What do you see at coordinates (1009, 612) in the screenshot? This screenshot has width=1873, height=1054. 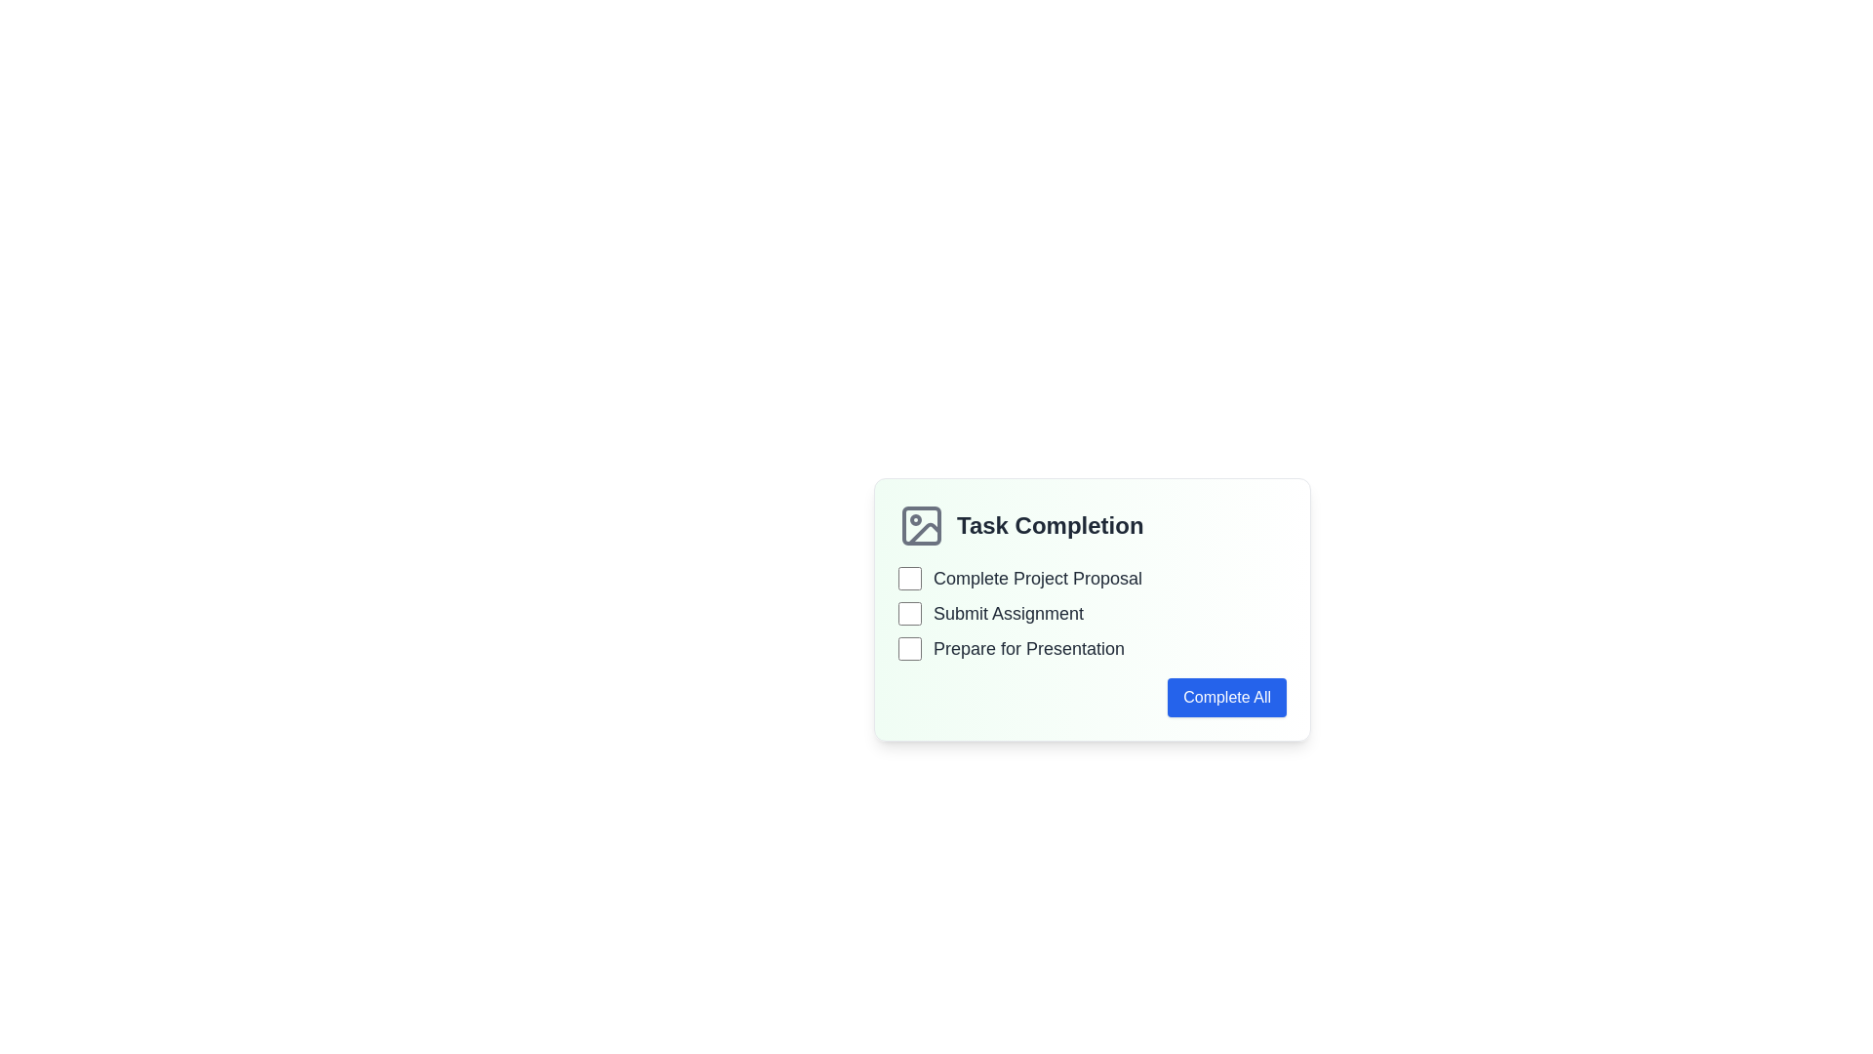 I see `the text label for the second item` at bounding box center [1009, 612].